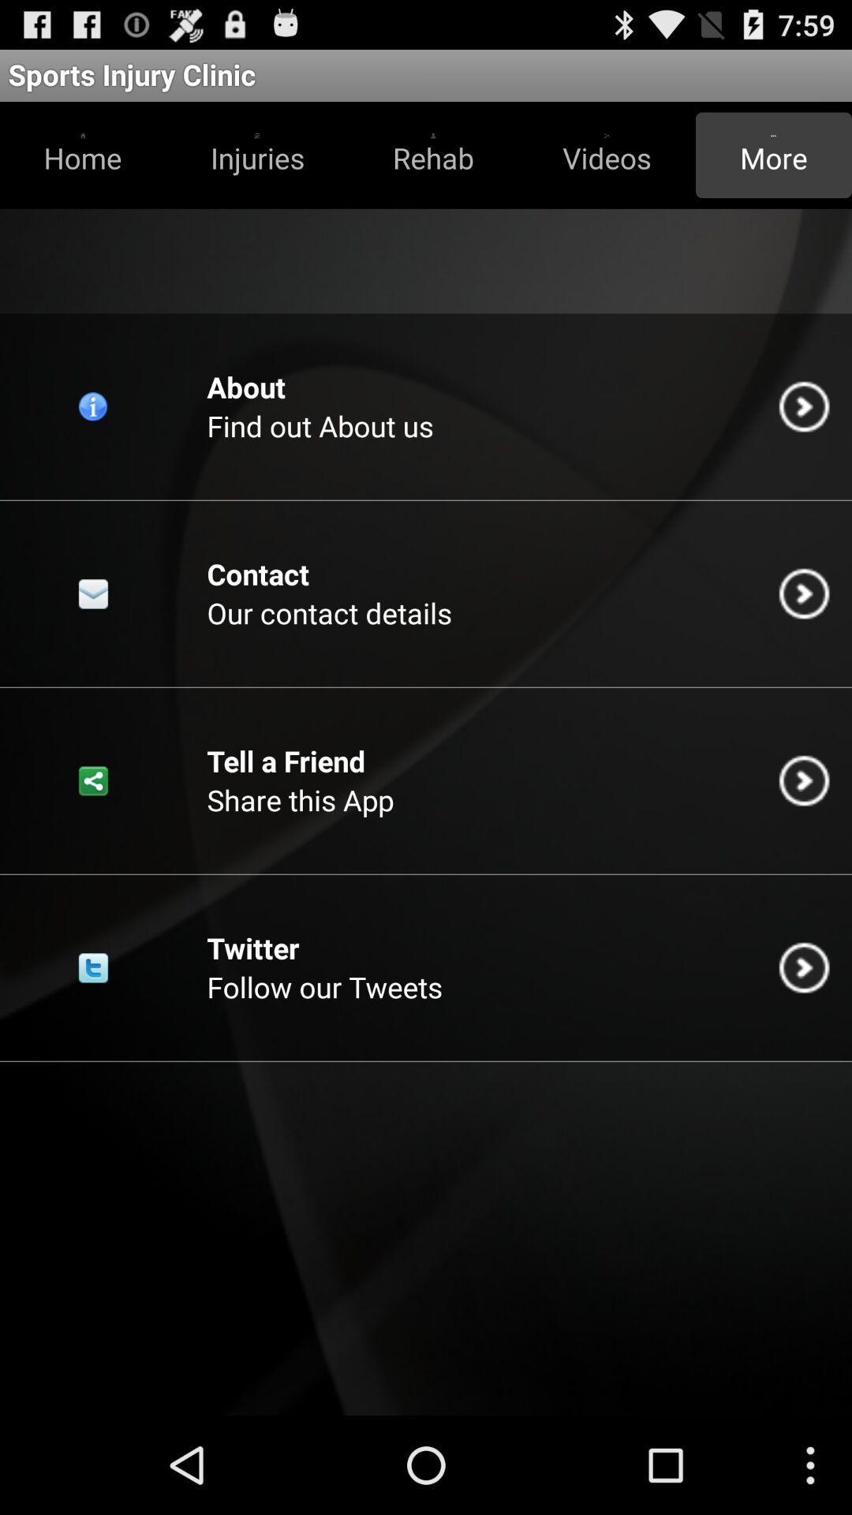  What do you see at coordinates (772, 155) in the screenshot?
I see `app below the sports injury clinic app` at bounding box center [772, 155].